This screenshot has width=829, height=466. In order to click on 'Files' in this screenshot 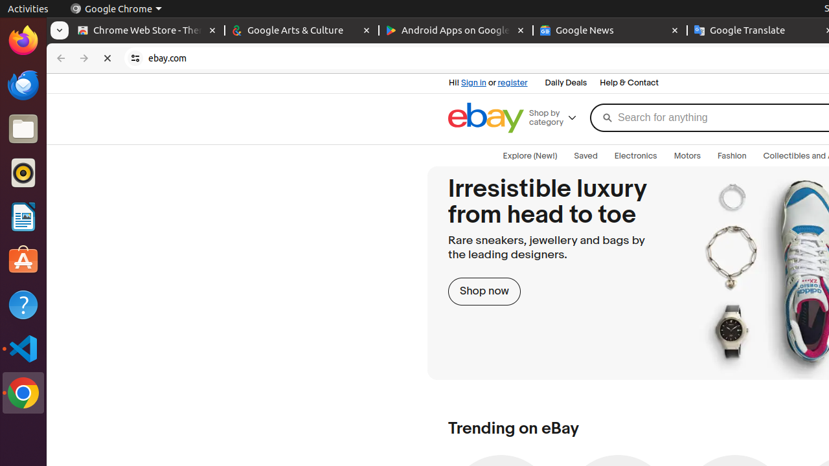, I will do `click(23, 129)`.